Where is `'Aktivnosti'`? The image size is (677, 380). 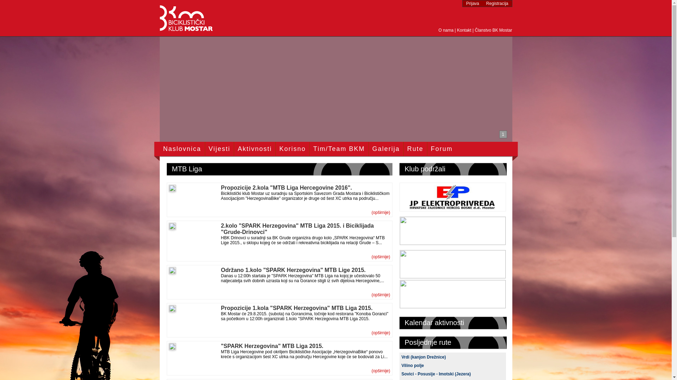
'Aktivnosti' is located at coordinates (254, 148).